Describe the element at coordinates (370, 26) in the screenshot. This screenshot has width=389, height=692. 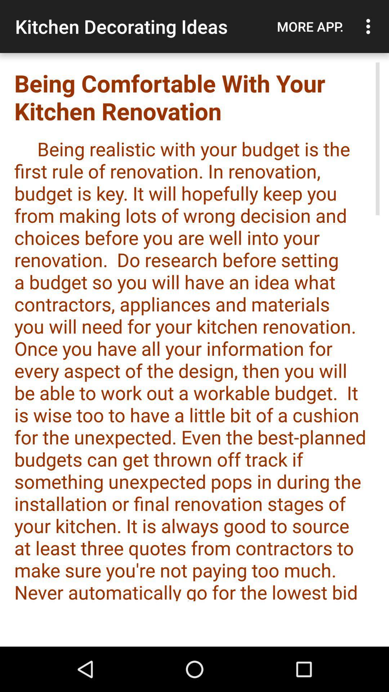
I see `the icon to the right of the more app.` at that location.